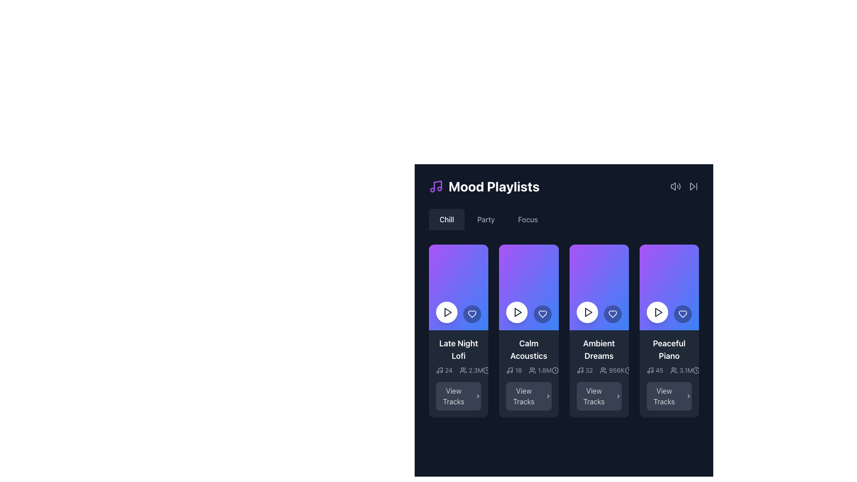  Describe the element at coordinates (669, 374) in the screenshot. I see `the music playlist card located at the rightmost side of the 'Mood Playlists' section` at that location.